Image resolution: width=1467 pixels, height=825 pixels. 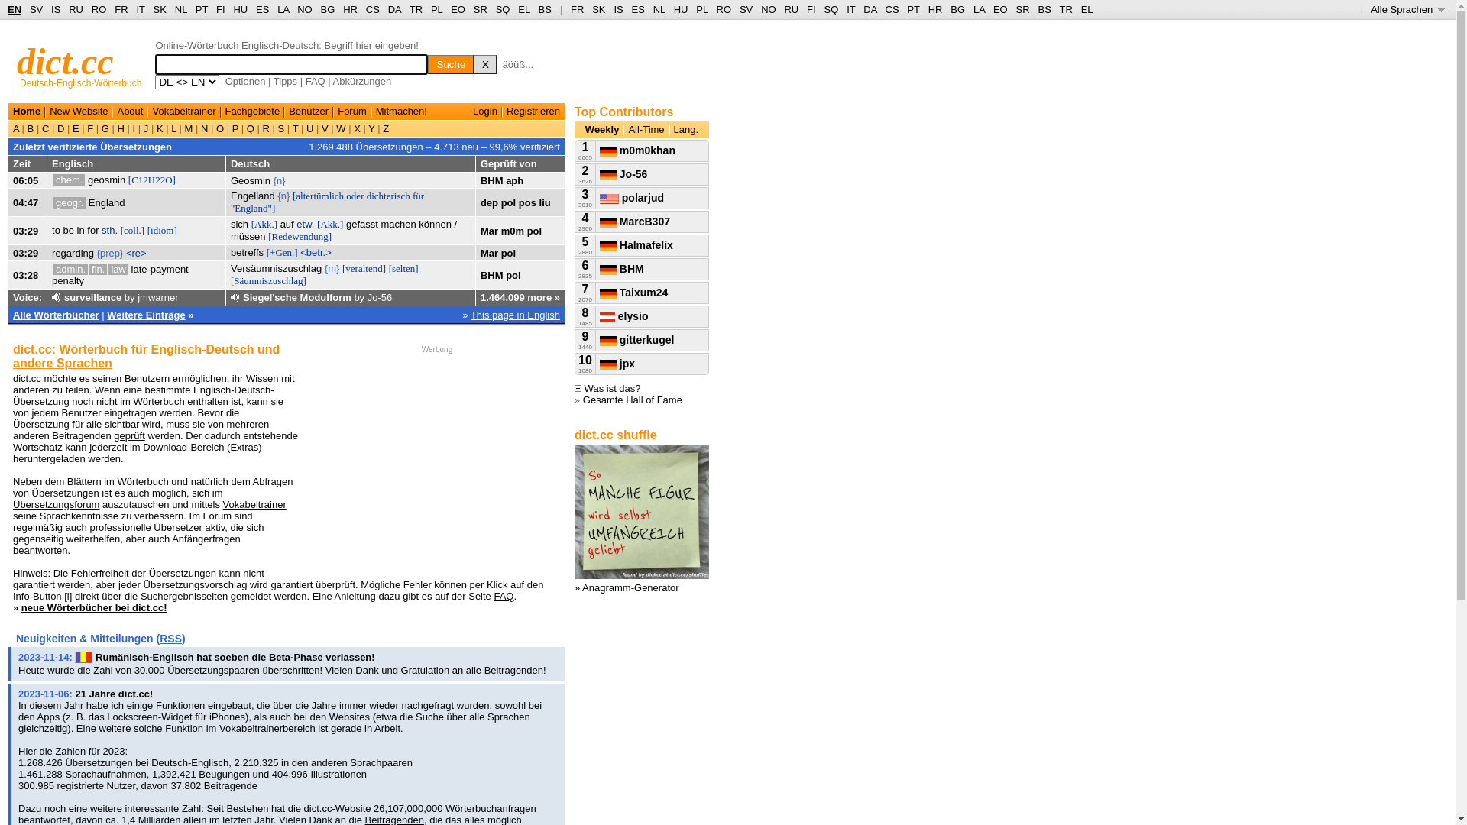 What do you see at coordinates (633, 399) in the screenshot?
I see `'Gesamte Hall of Fame'` at bounding box center [633, 399].